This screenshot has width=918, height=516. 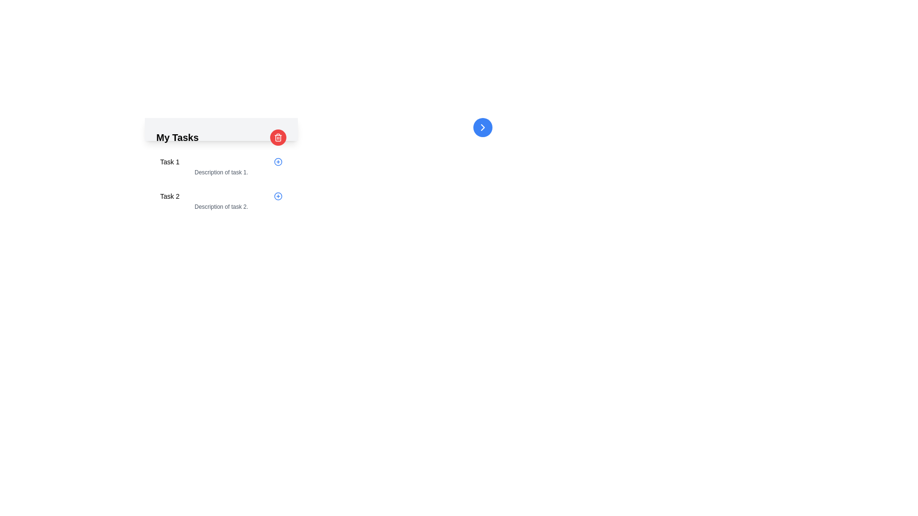 I want to click on the static text label that provides additional context for 'Task 2', located centrally below the title text of the task, so click(x=220, y=206).